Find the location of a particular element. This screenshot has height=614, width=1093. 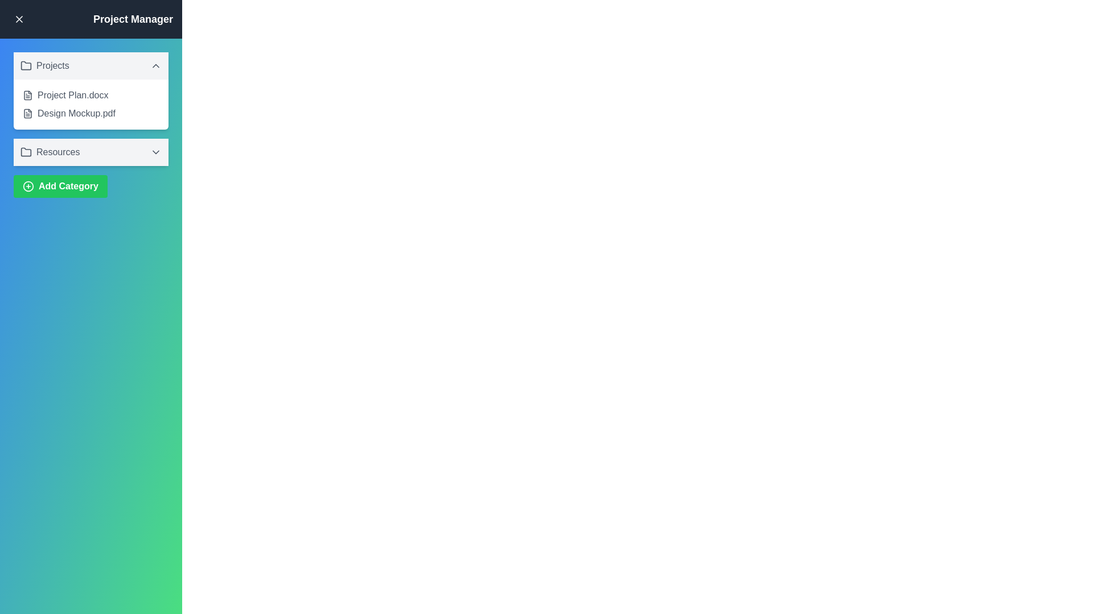

the File entry item labeled 'Project Plan.docx' which is the first item under the 'Projects' dropdown in the left-hand panel is located at coordinates (90, 95).